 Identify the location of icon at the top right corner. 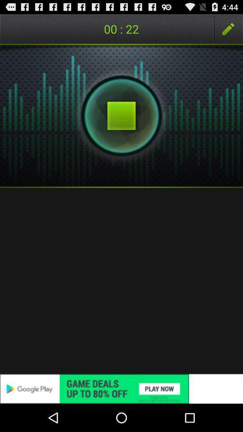
(228, 29).